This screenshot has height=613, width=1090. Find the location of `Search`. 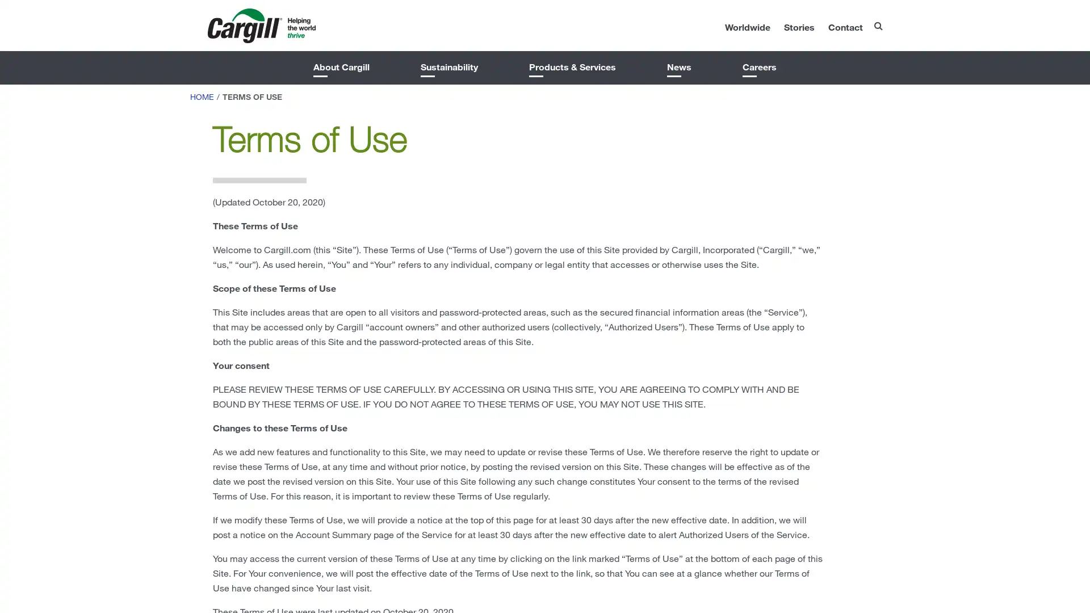

Search is located at coordinates (854, 22).